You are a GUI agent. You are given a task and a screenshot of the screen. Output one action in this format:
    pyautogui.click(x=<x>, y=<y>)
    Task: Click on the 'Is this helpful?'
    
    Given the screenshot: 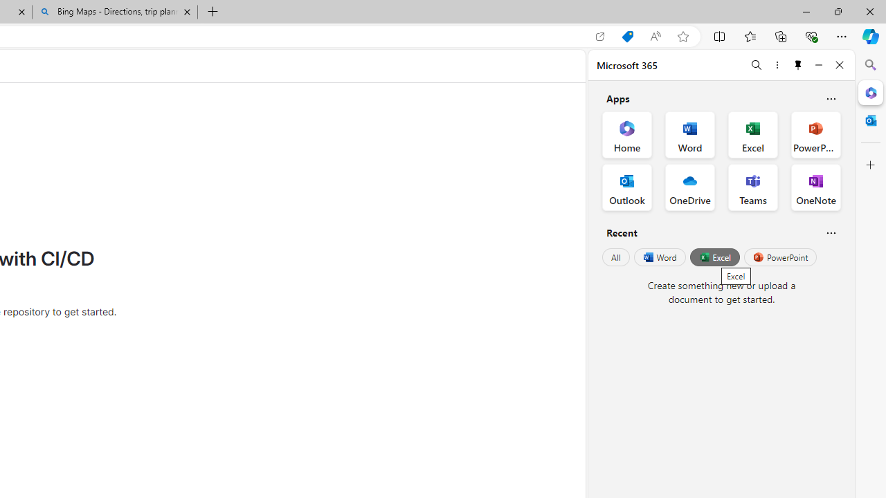 What is the action you would take?
    pyautogui.click(x=831, y=232)
    